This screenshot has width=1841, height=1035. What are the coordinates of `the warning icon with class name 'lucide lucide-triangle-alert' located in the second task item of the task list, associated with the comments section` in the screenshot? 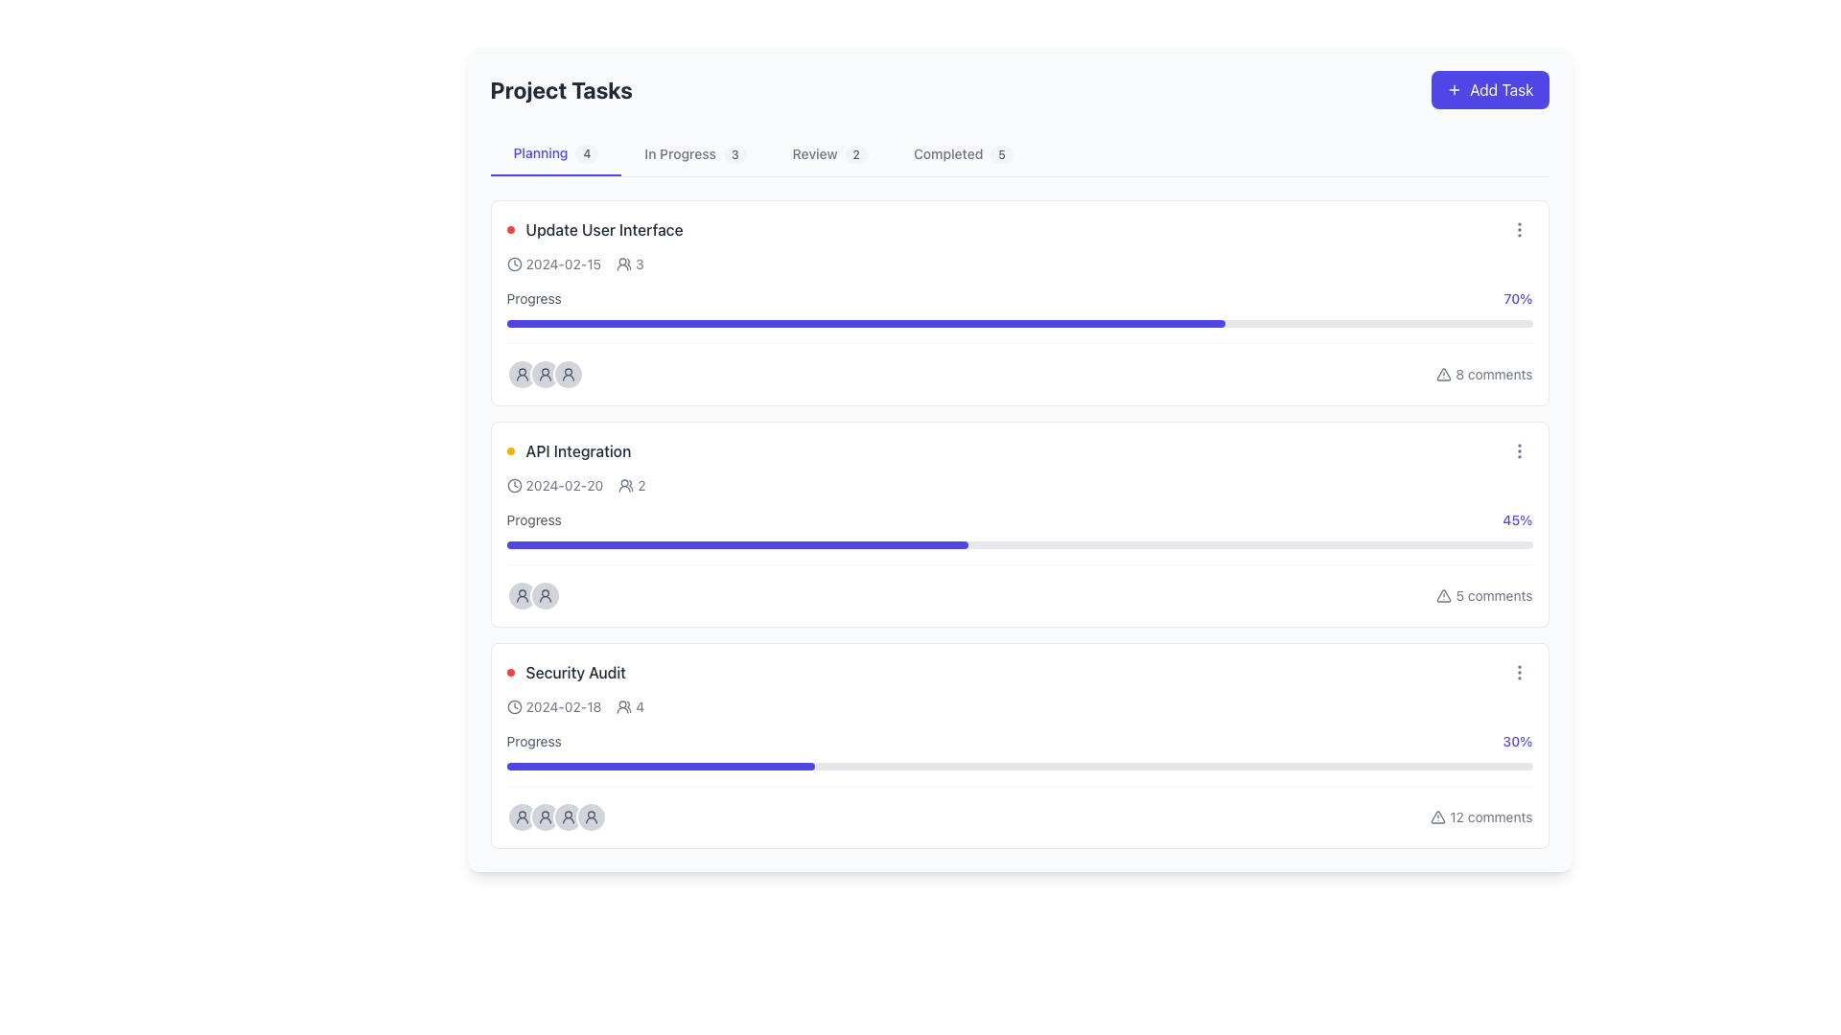 It's located at (1444, 594).